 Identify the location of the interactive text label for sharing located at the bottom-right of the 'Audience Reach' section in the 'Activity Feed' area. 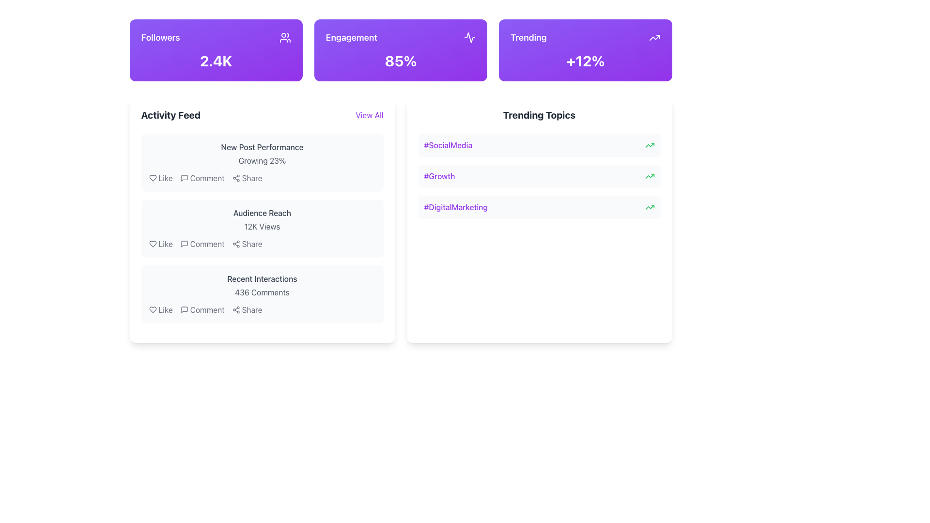
(252, 244).